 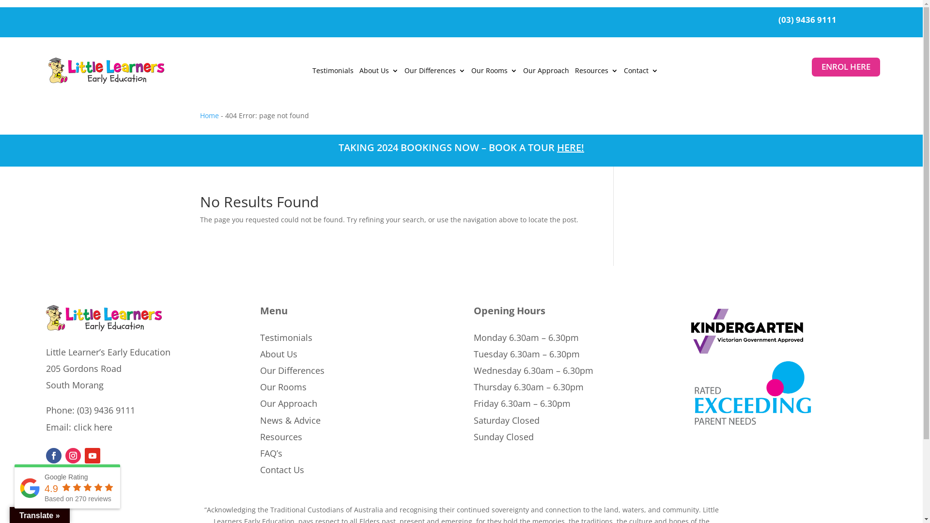 What do you see at coordinates (109, 70) in the screenshot?
I see `'Little Learners Early Education with Bear Logo'` at bounding box center [109, 70].